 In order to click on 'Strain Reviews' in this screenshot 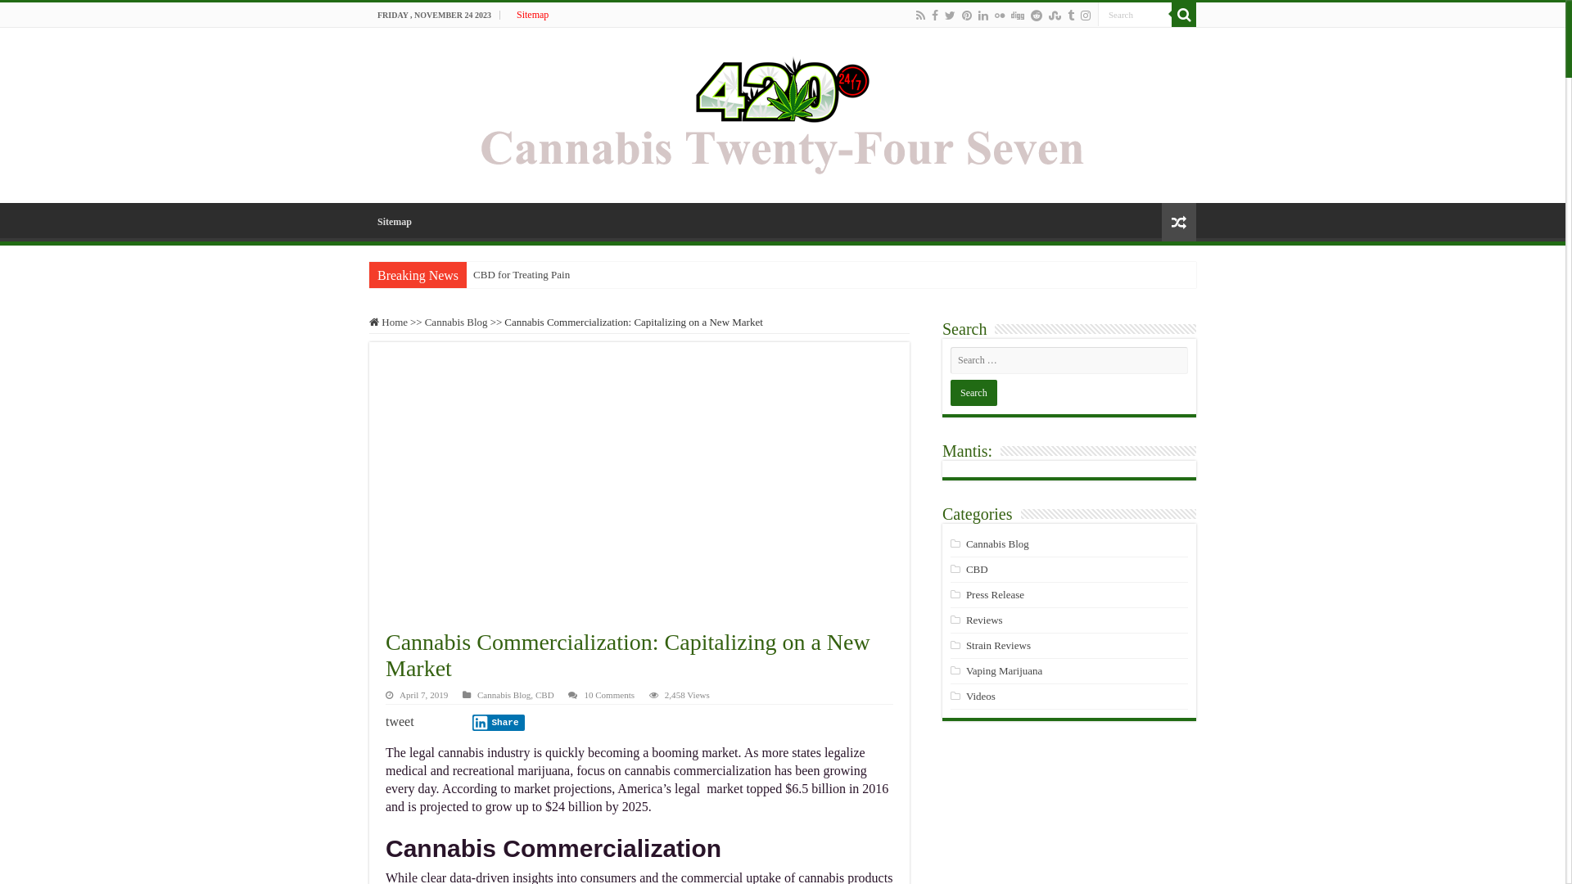, I will do `click(966, 644)`.